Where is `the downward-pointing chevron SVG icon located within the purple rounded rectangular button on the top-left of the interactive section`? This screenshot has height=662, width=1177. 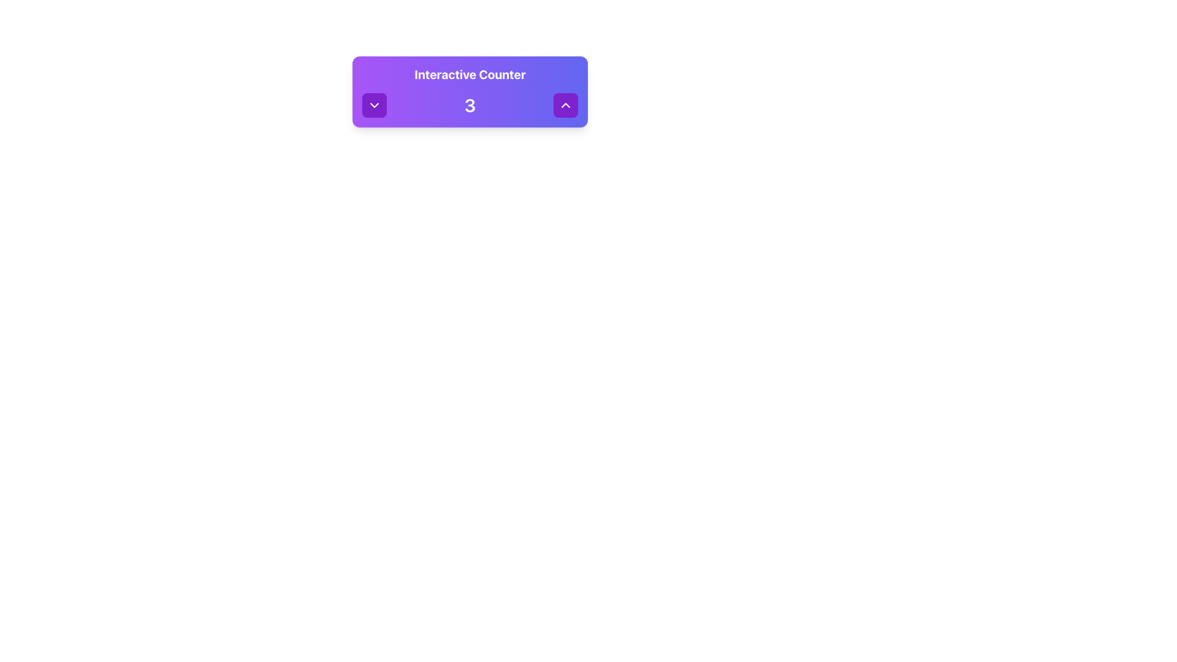
the downward-pointing chevron SVG icon located within the purple rounded rectangular button on the top-left of the interactive section is located at coordinates (373, 105).